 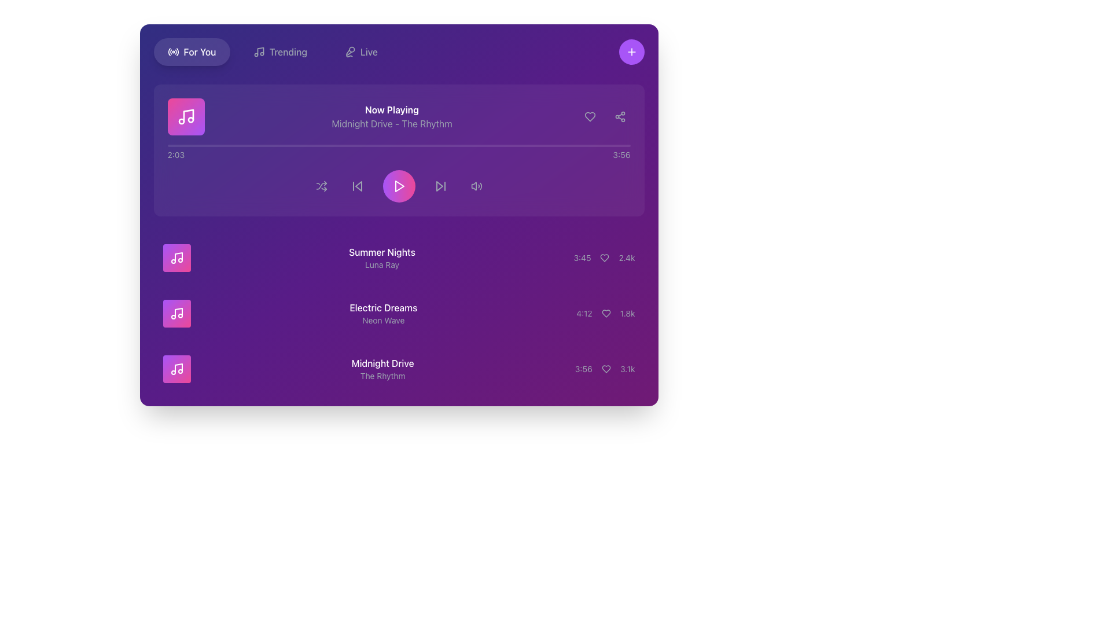 I want to click on the text label for the track 'Midnight Drive' which is the 3rd item in the list, featuring a white title and a gray subtitle against a purple background, so click(x=382, y=369).